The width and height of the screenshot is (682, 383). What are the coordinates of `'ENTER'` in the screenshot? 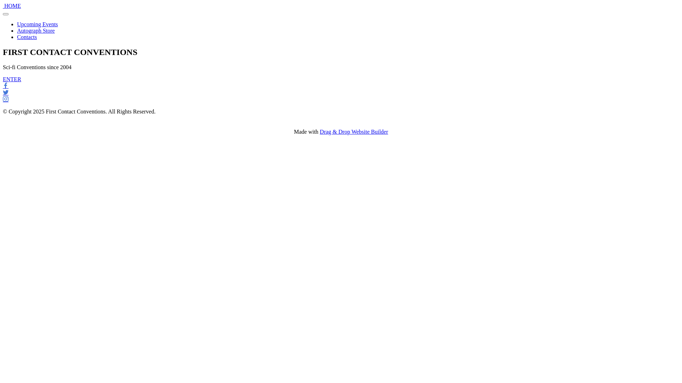 It's located at (12, 79).